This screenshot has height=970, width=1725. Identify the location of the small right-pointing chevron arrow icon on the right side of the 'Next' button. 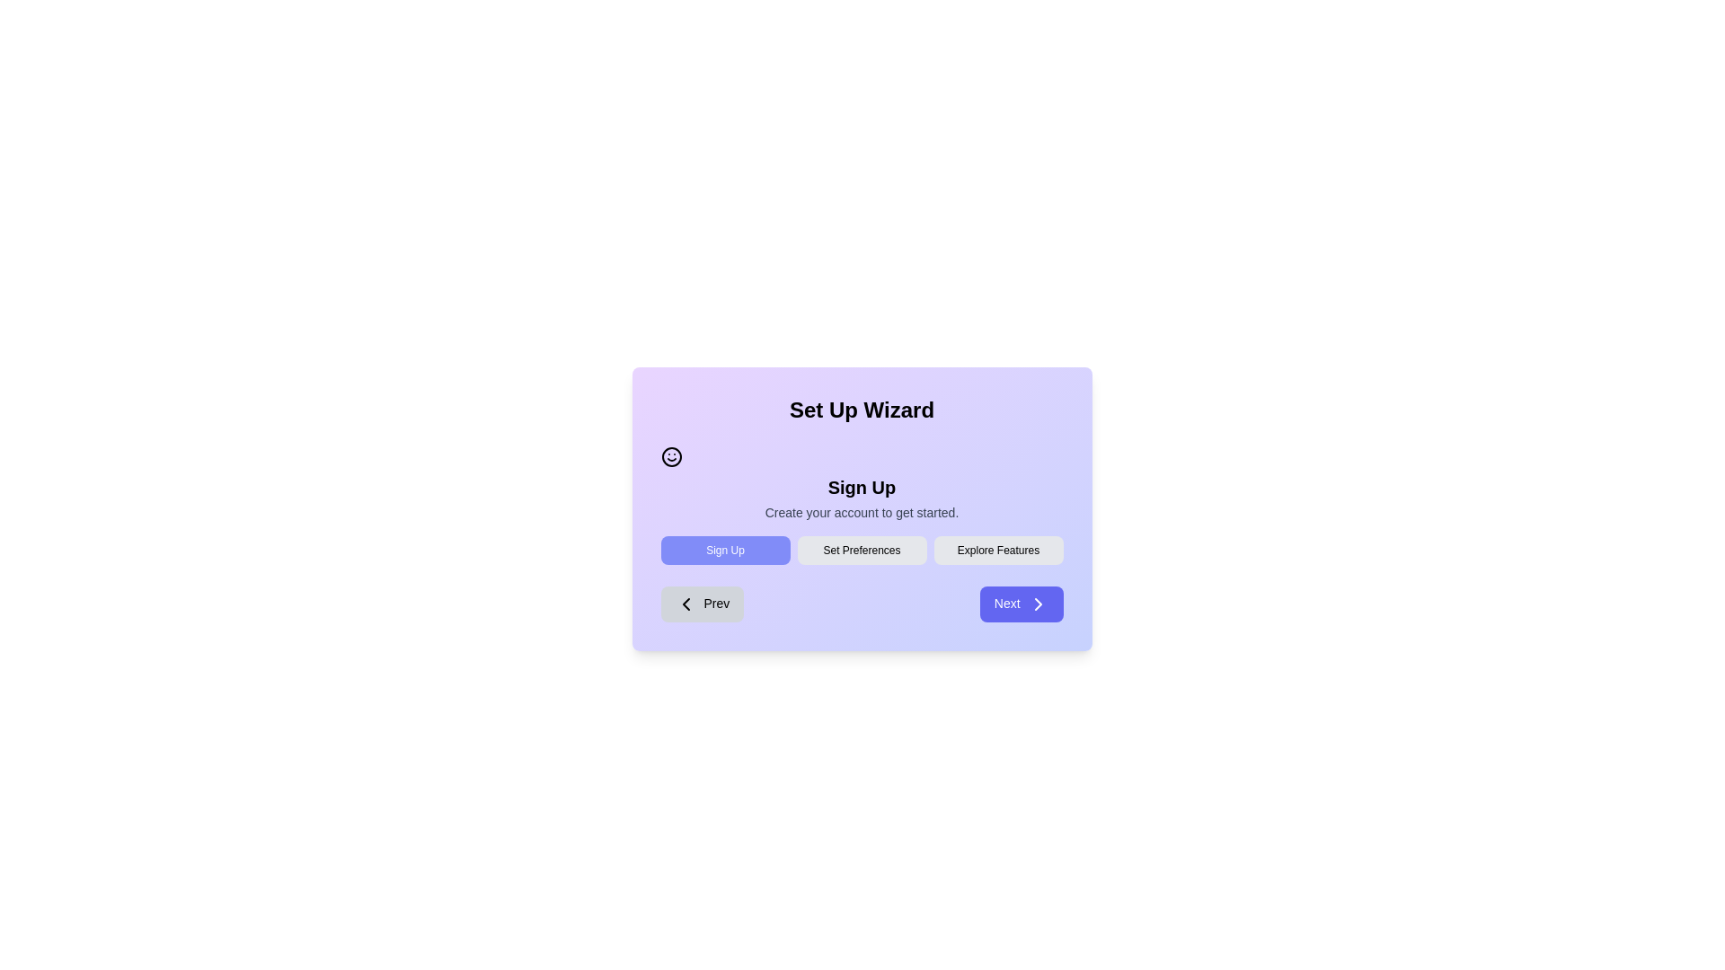
(1038, 604).